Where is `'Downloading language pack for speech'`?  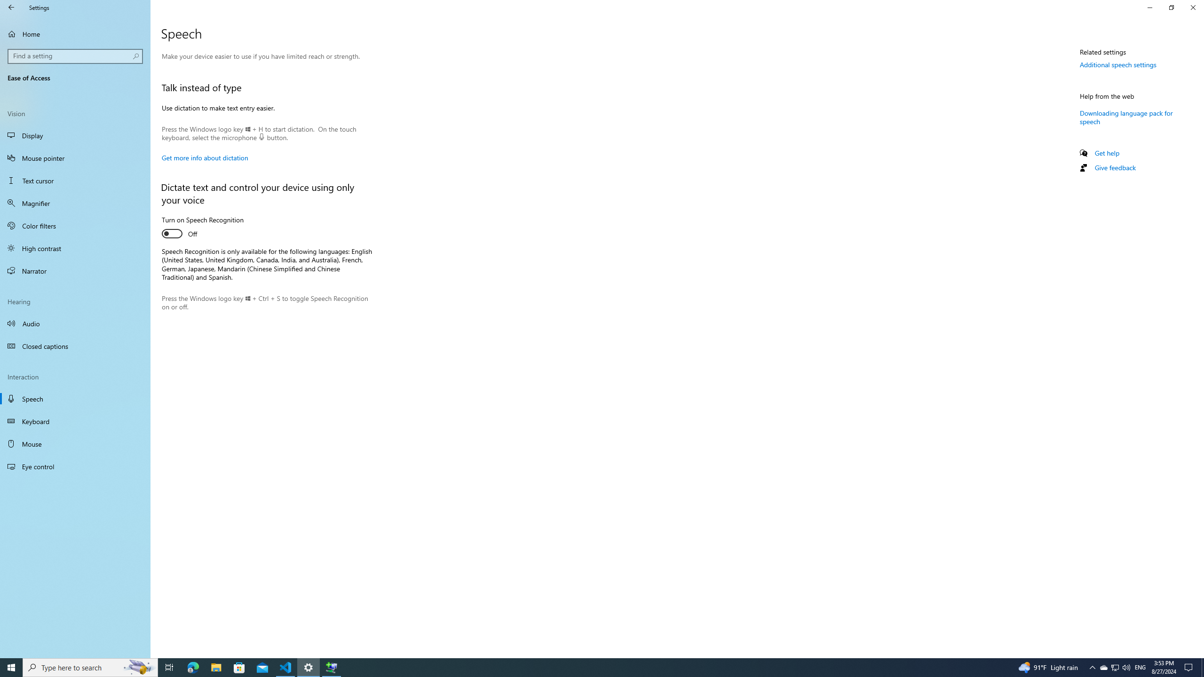
'Downloading language pack for speech' is located at coordinates (1125, 117).